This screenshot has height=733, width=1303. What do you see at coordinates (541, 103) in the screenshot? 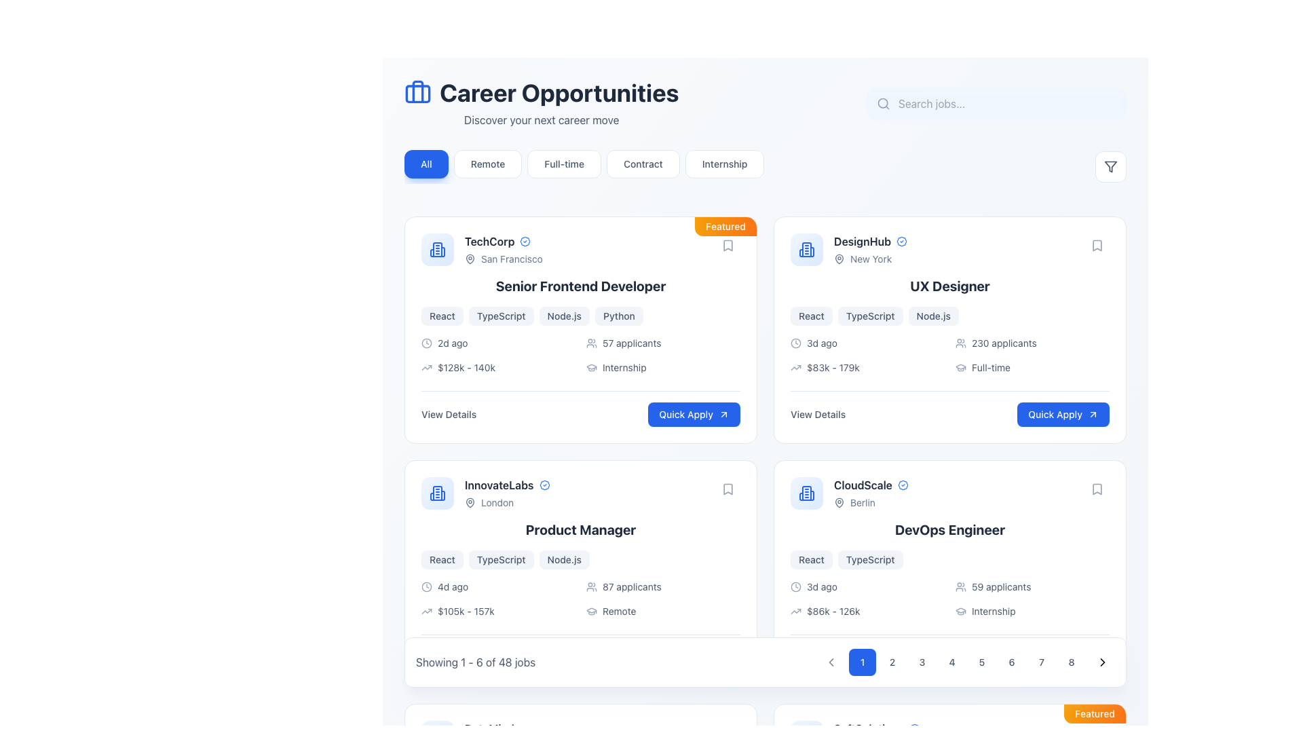
I see `the 'Career Opportunities' section header that includes a blue briefcase icon and a subtitle in gray text` at bounding box center [541, 103].